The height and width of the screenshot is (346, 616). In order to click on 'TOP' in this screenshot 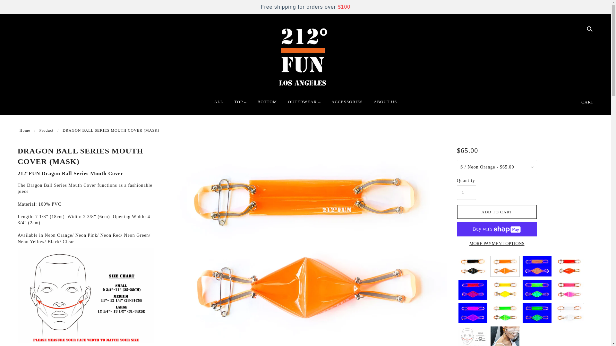, I will do `click(240, 104)`.